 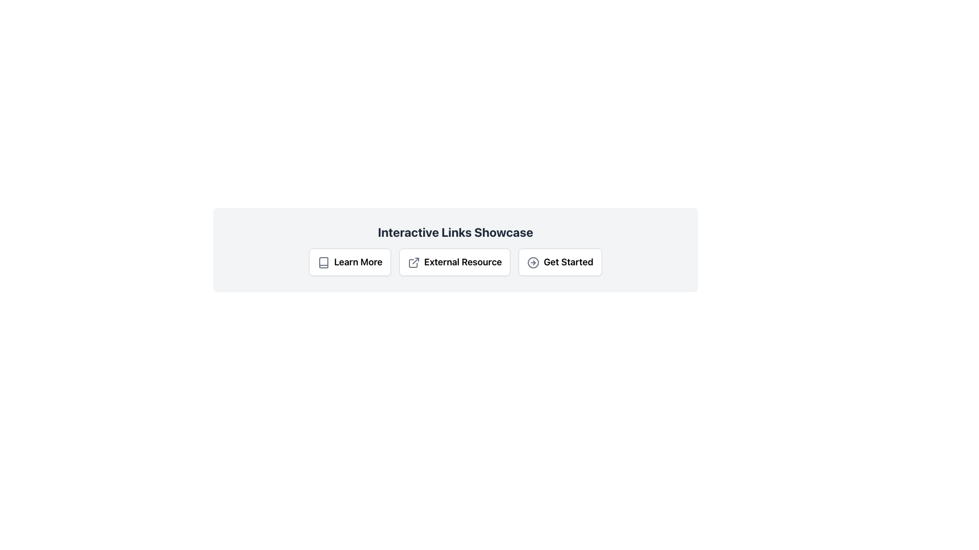 What do you see at coordinates (454, 262) in the screenshot?
I see `the second button labeled 'External Resource'` at bounding box center [454, 262].